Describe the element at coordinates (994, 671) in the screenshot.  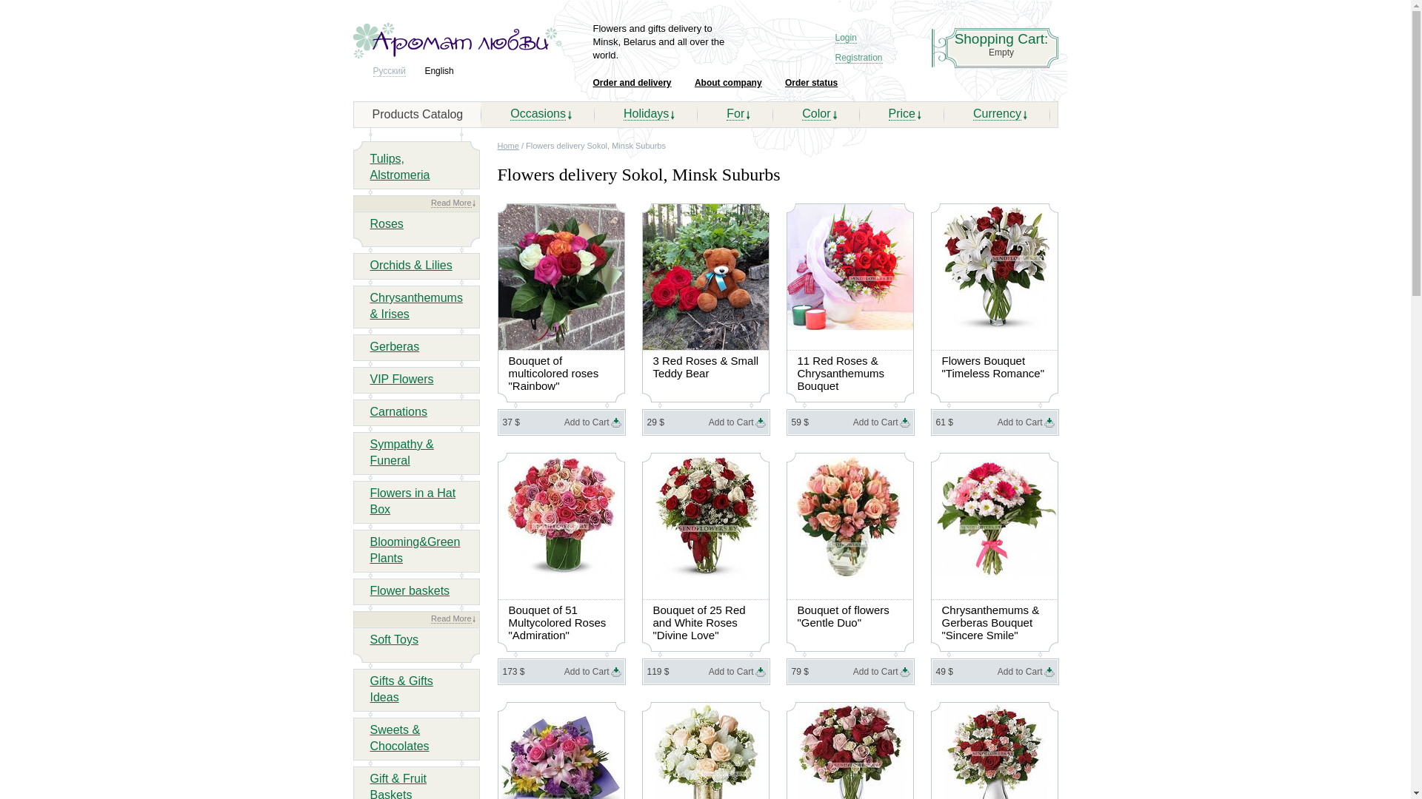
I see `'Add to Cart` at that location.